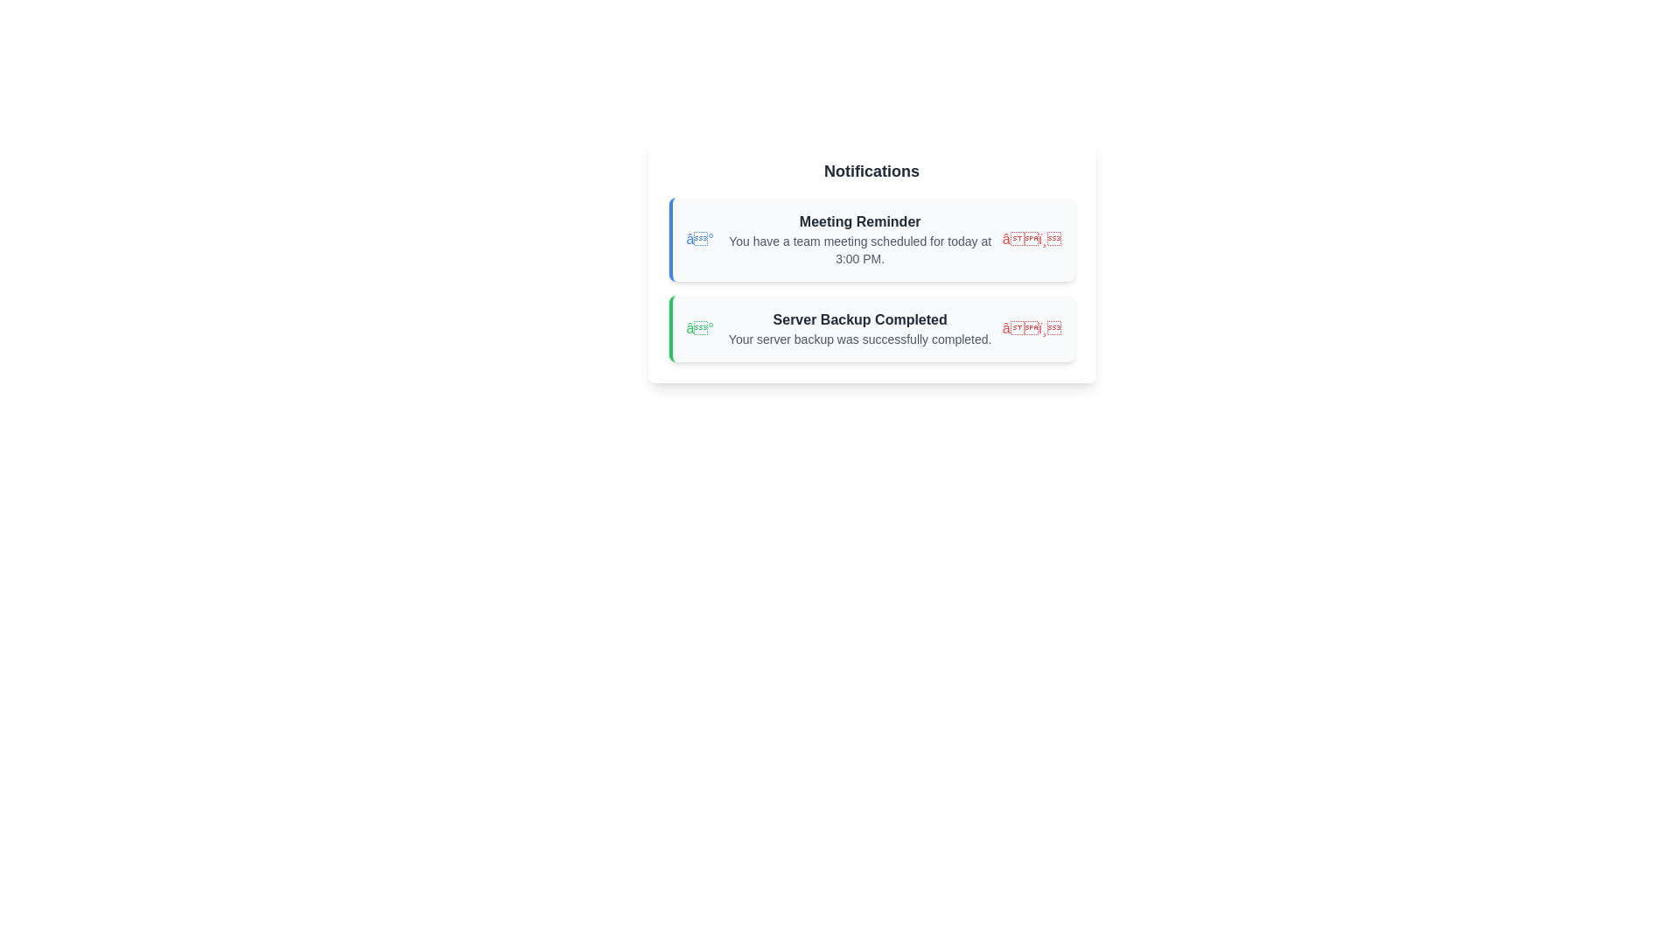 This screenshot has width=1680, height=945. Describe the element at coordinates (860, 339) in the screenshot. I see `text from the text label that states 'Your server backup was successfully completed.' which is styled in a smaller gray font and located below the title 'Server Backup Completed' within the notification card` at that location.